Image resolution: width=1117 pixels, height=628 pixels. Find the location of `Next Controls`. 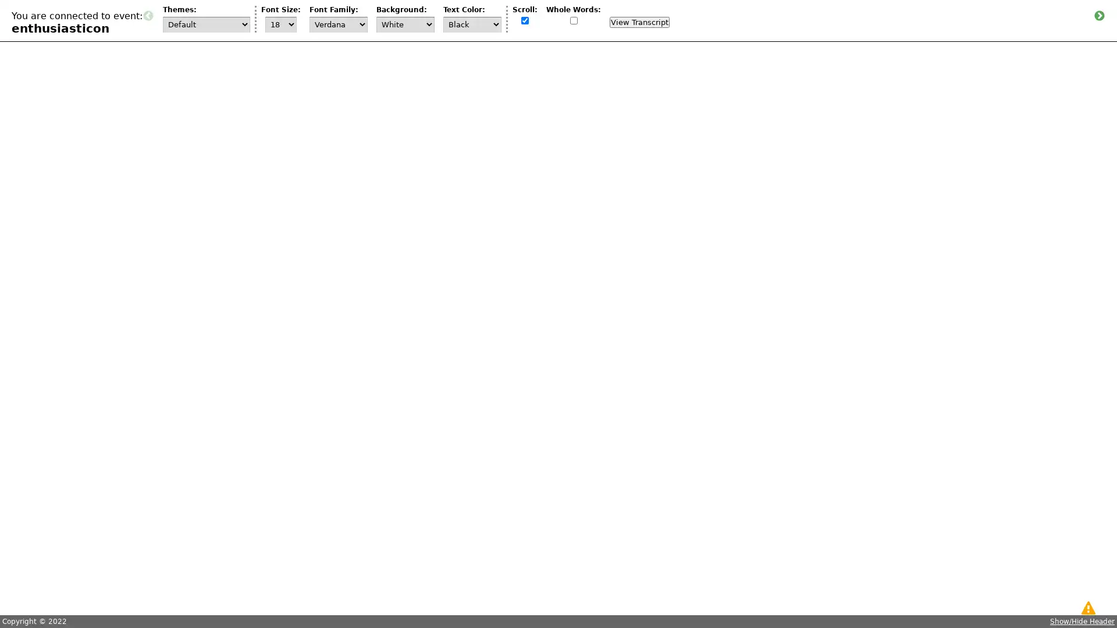

Next Controls is located at coordinates (1099, 16).